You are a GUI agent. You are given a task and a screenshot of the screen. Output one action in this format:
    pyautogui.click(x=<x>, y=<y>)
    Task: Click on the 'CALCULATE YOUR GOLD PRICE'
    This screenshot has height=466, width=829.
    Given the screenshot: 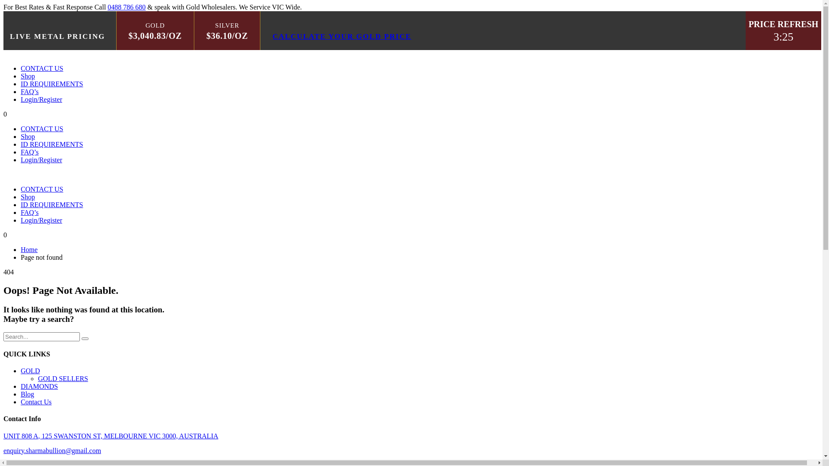 What is the action you would take?
    pyautogui.click(x=342, y=36)
    